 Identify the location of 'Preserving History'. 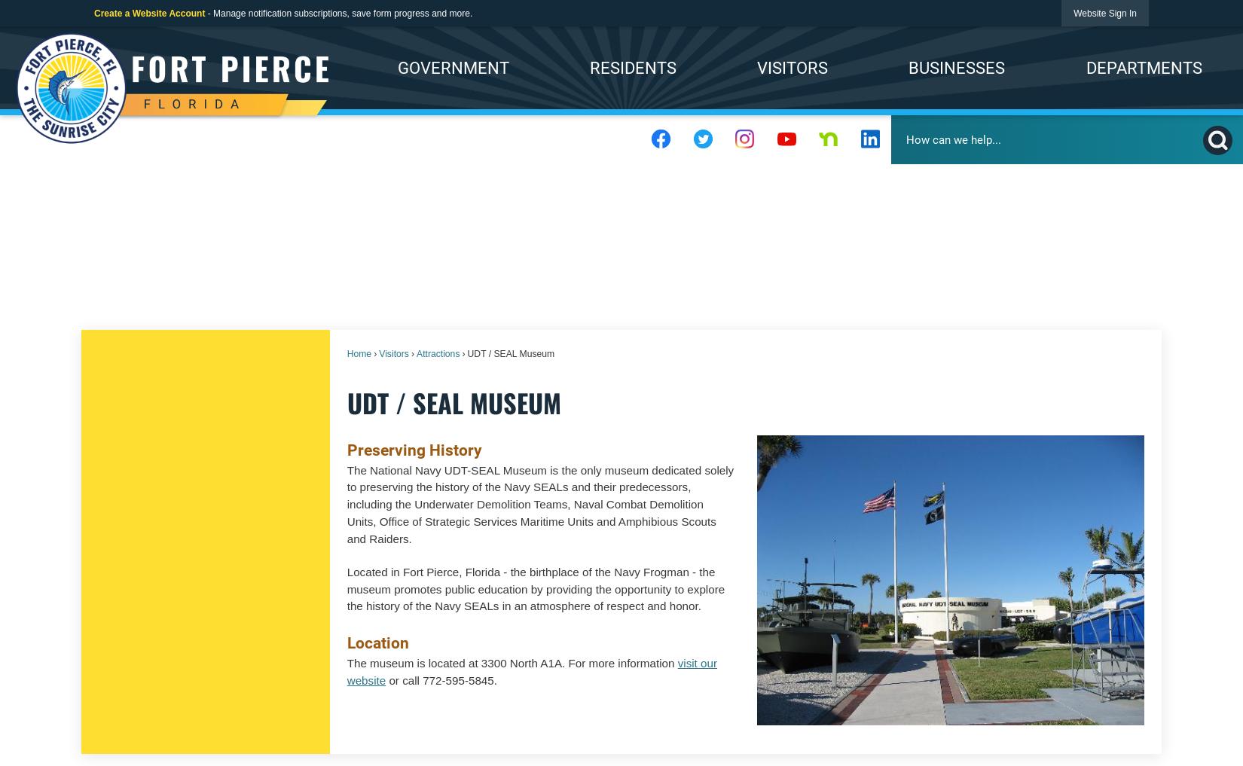
(413, 448).